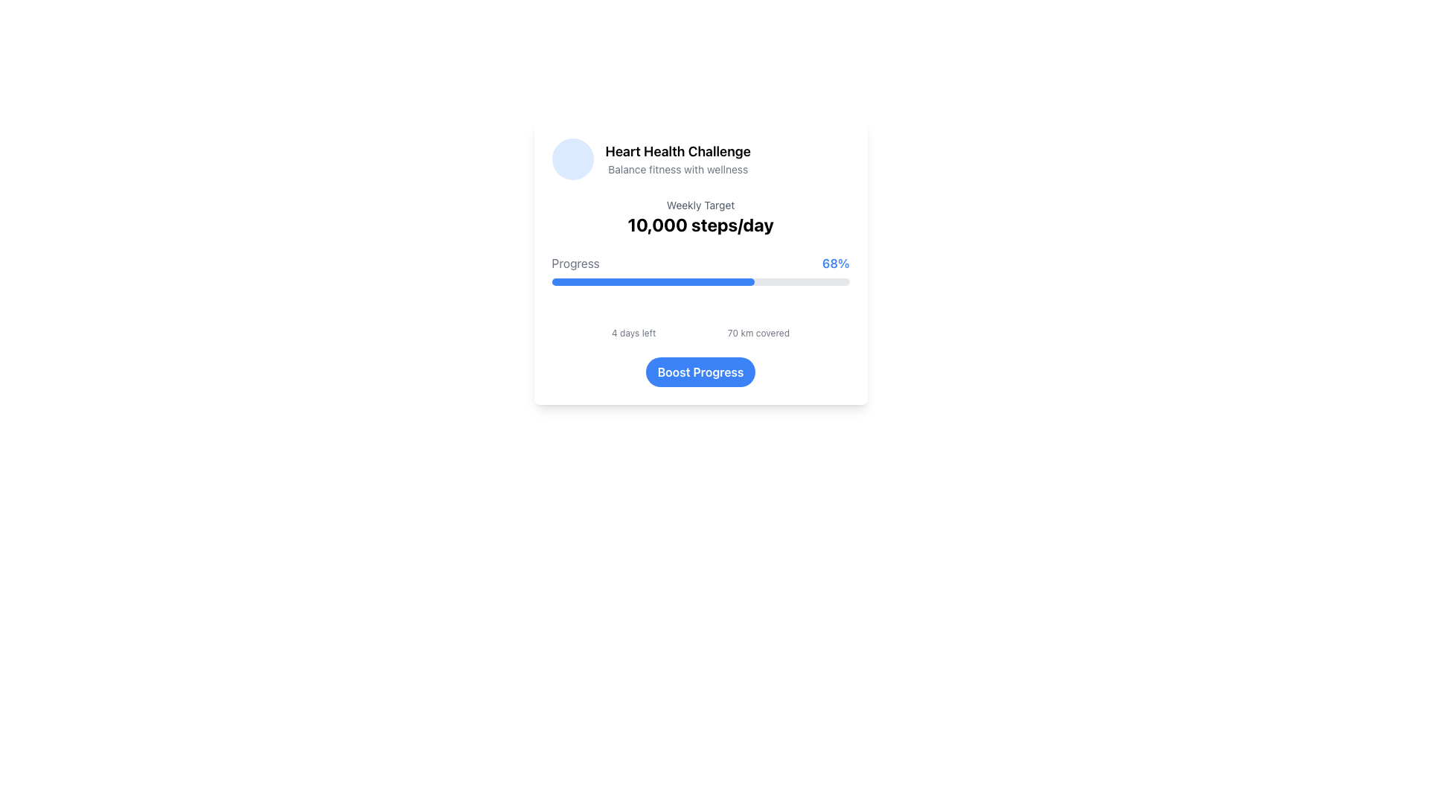 The width and height of the screenshot is (1429, 804). What do you see at coordinates (836, 263) in the screenshot?
I see `the progress percentage label located to the right of the 'Progress' section to provide visual feedback to the user` at bounding box center [836, 263].